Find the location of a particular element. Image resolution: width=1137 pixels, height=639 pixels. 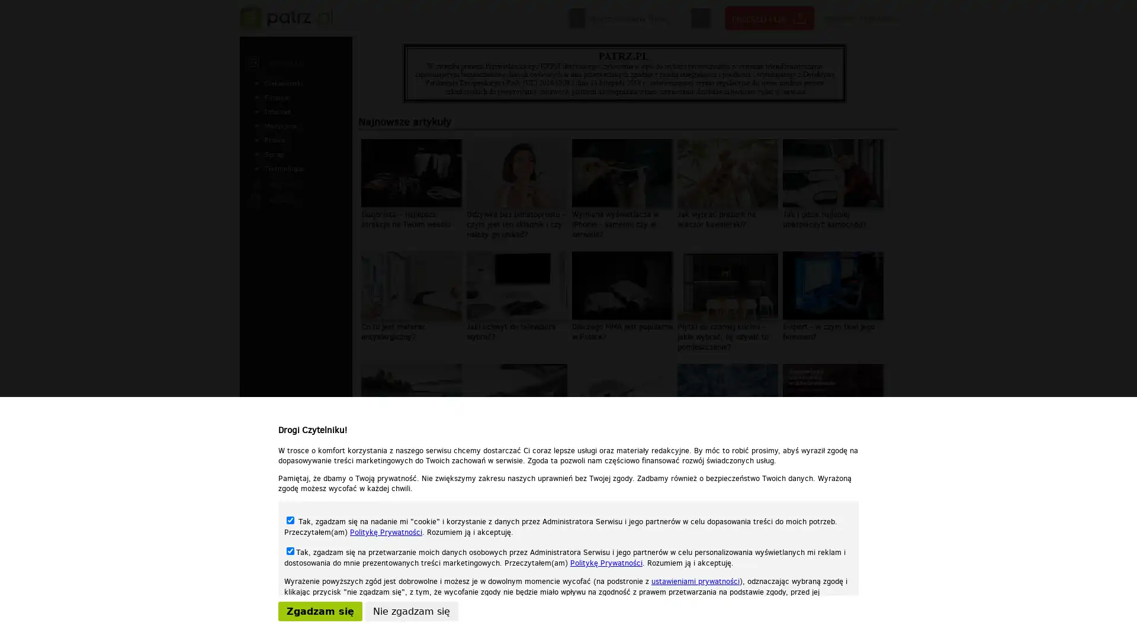

Nie zgadzam sie is located at coordinates (412, 611).